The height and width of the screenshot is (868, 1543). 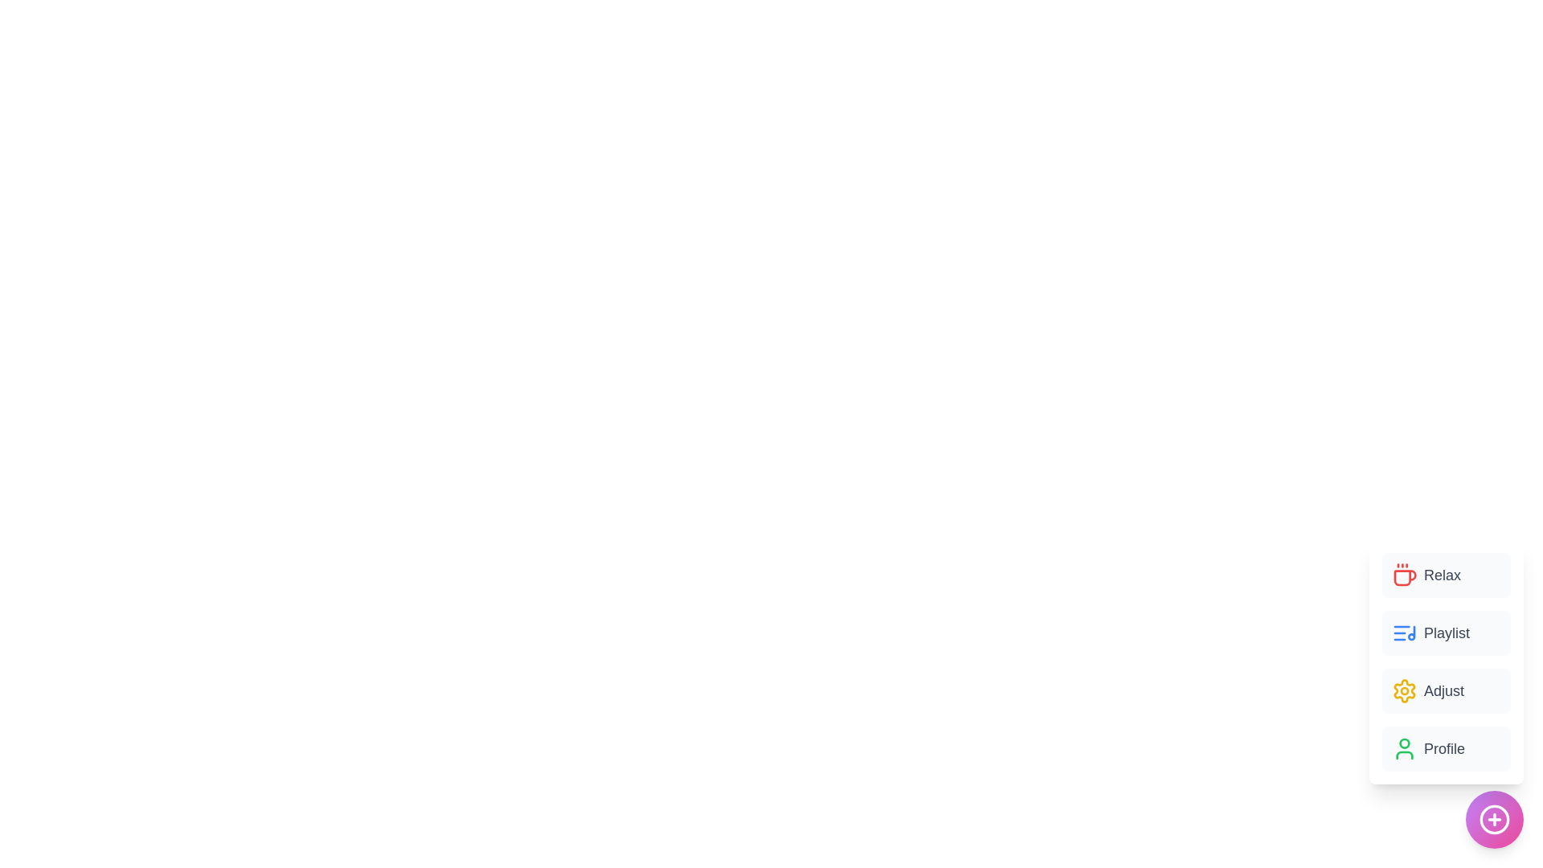 What do you see at coordinates (1447, 690) in the screenshot?
I see `the 'Adjust' button in the menu` at bounding box center [1447, 690].